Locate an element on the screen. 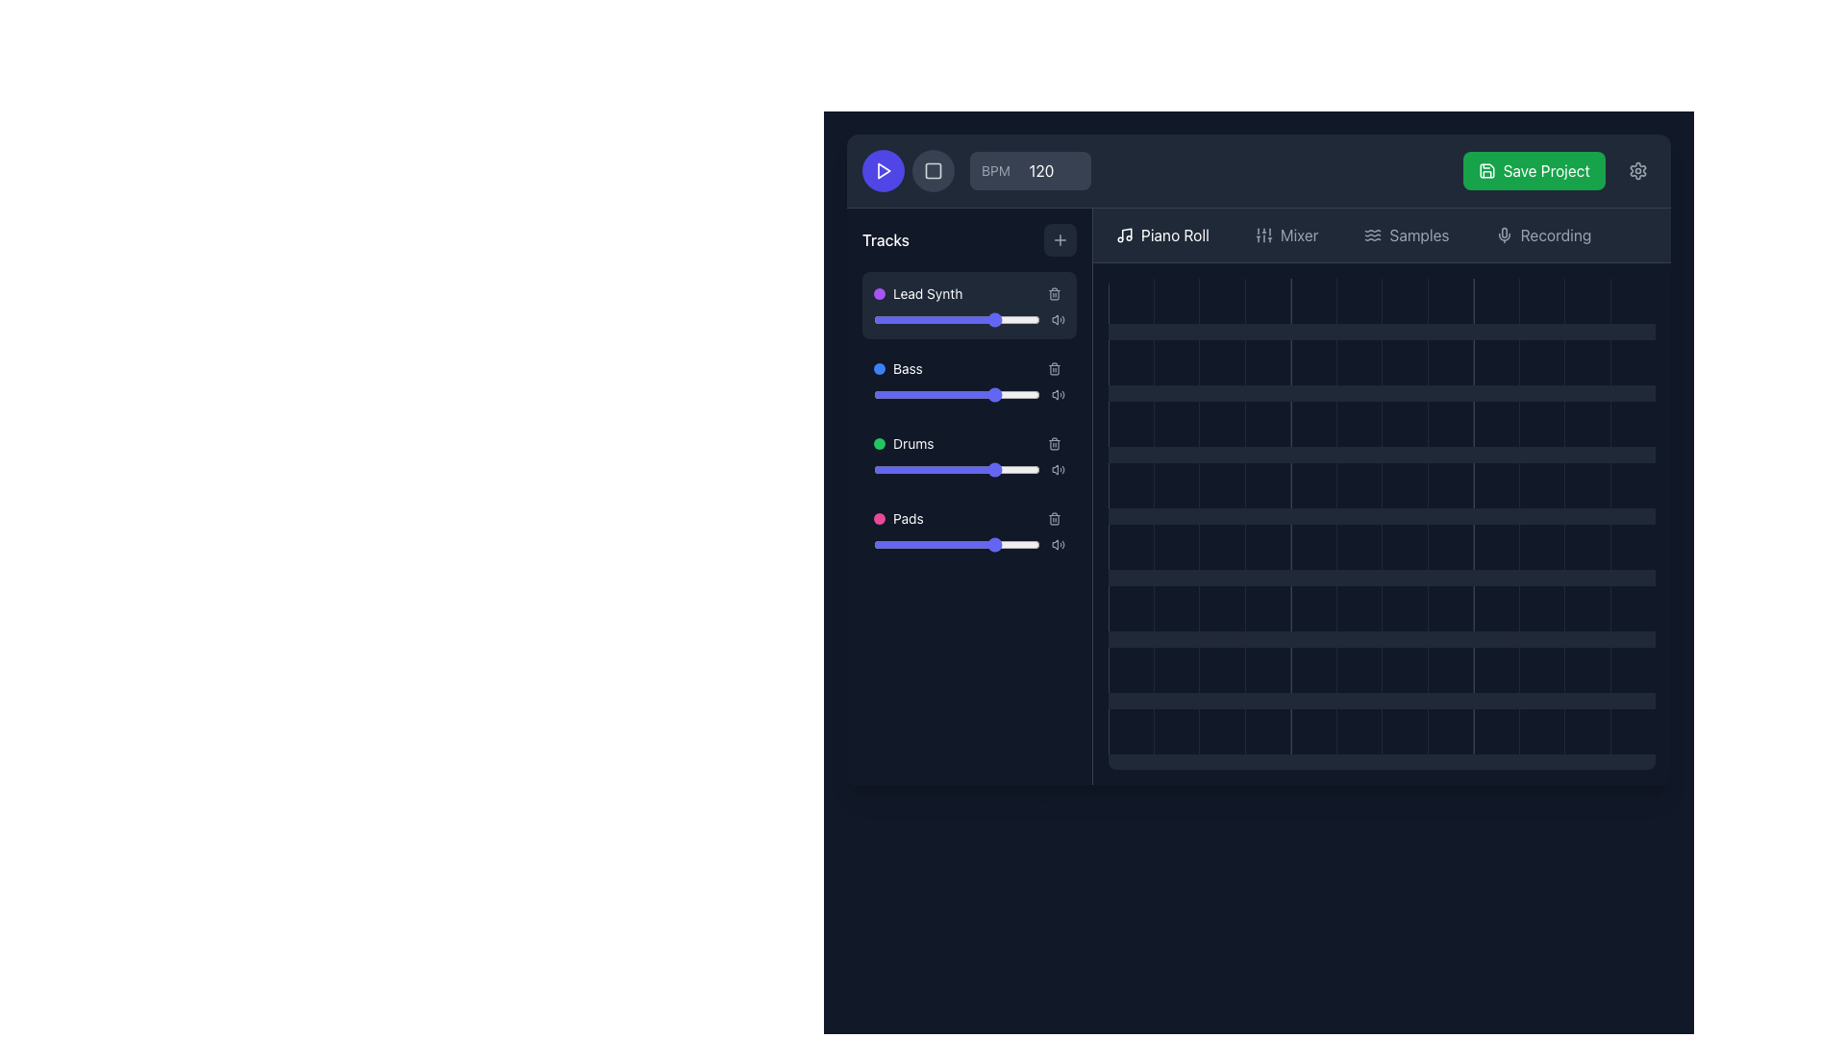  the clickable square grid cell located in the fourth column of the fourth row to observe the color change is located at coordinates (1267, 484).